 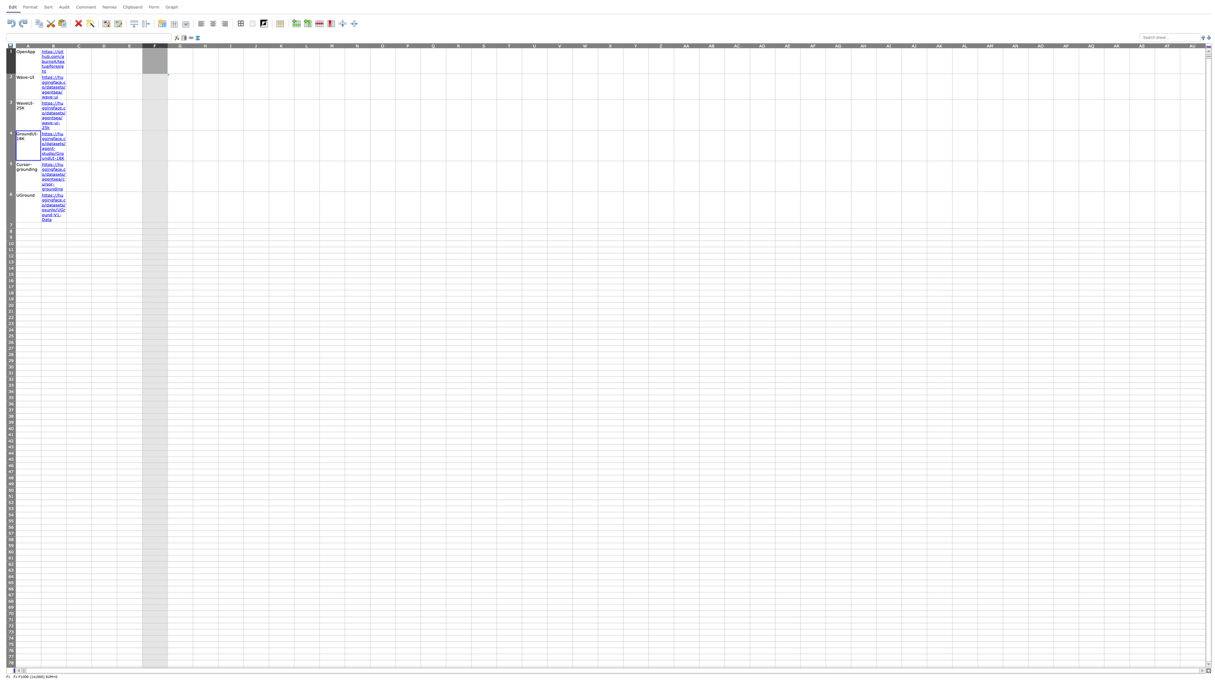 What do you see at coordinates (206, 45) in the screenshot?
I see `Move cursor to column H` at bounding box center [206, 45].